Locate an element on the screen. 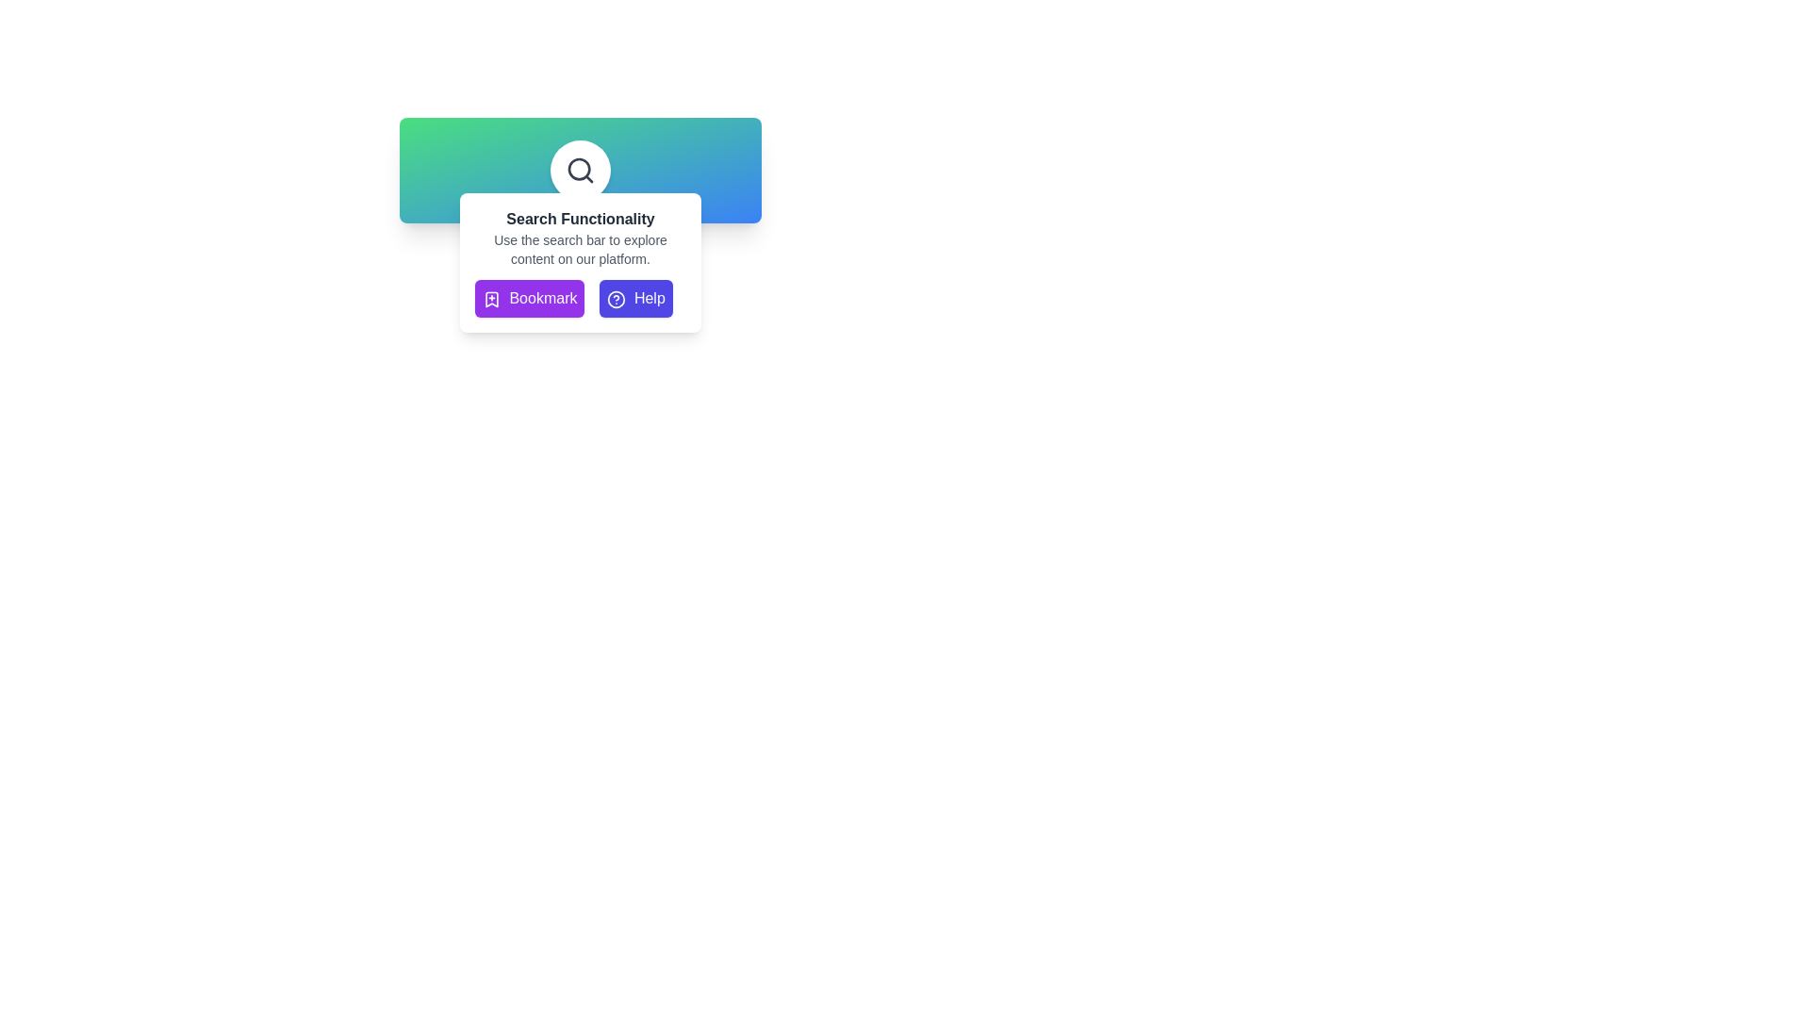 This screenshot has width=1810, height=1018. the 'Bookmark' button icon, which is a visual indicator positioned to the left of the text 'Bookmark' within a rounded rectangular button is located at coordinates (492, 297).